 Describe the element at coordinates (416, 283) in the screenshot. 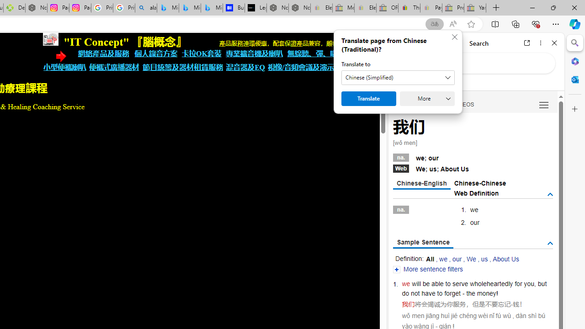

I see `'will'` at that location.